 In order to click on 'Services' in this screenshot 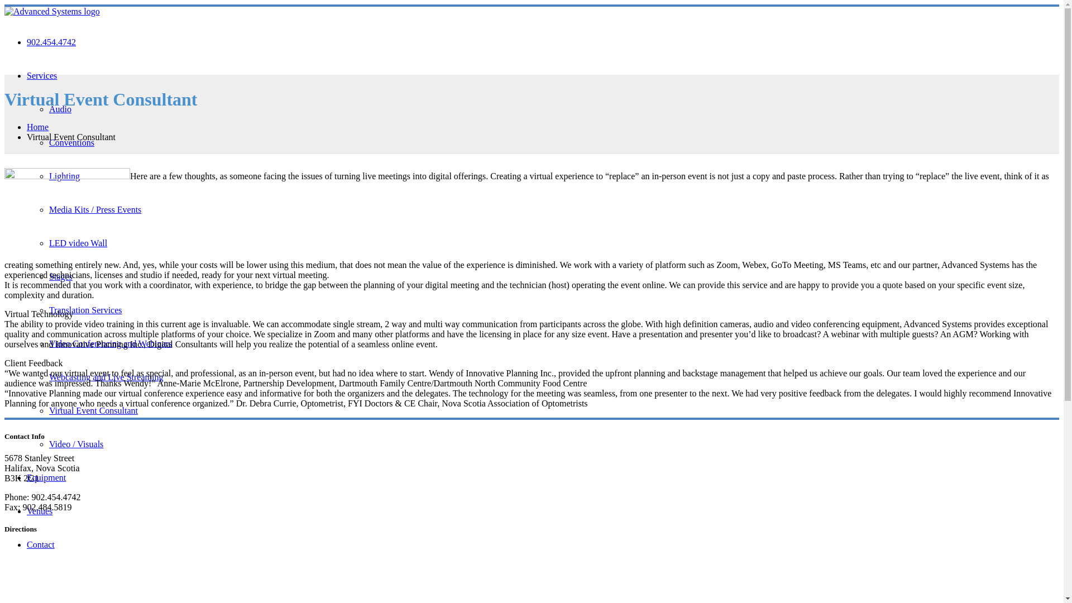, I will do `click(42, 75)`.